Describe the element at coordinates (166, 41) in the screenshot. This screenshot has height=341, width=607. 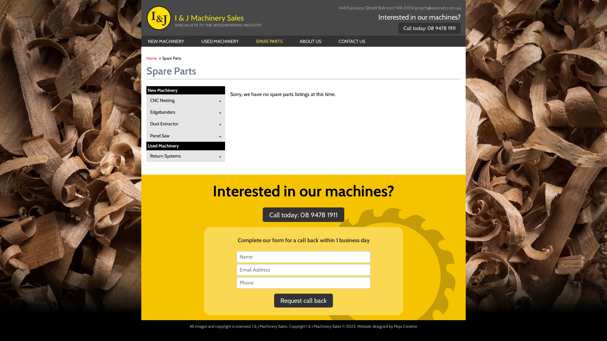
I see `'NEW MACHINERY'` at that location.